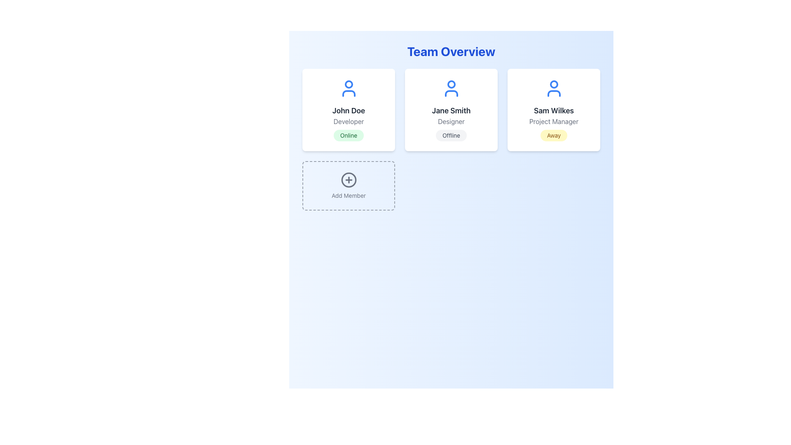 This screenshot has height=445, width=791. Describe the element at coordinates (451, 93) in the screenshot. I see `the line art icon depicting shoulders and an upper torso located in the second user profile card labeled 'Jane Smith - Designer' marked with 'Offline' status` at that location.